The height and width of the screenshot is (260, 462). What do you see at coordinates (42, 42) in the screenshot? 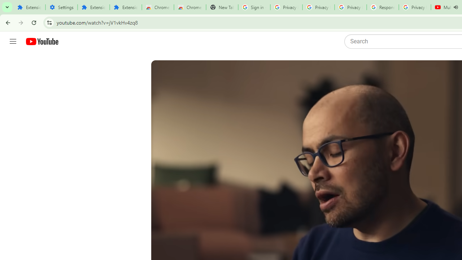
I see `'YouTube Home'` at bounding box center [42, 42].